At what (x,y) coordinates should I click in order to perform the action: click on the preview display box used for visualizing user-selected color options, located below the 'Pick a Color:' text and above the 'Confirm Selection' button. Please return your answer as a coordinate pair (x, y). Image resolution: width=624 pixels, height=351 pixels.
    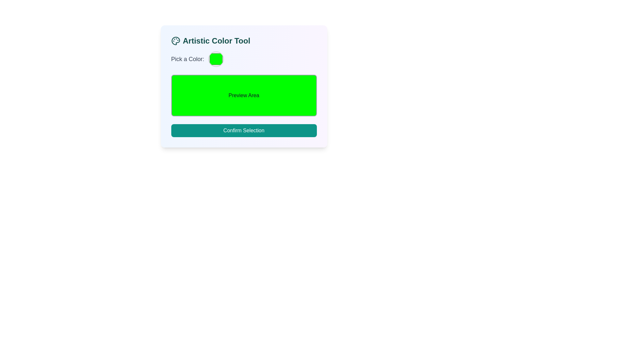
    Looking at the image, I should click on (243, 95).